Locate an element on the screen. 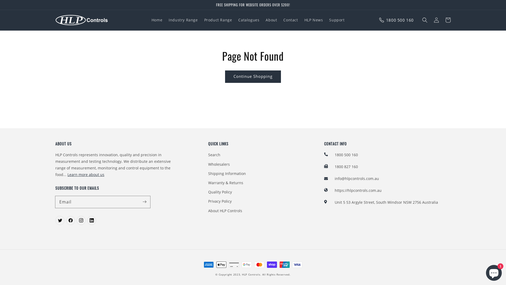 The width and height of the screenshot is (506, 285). 'Log in' is located at coordinates (430, 20).